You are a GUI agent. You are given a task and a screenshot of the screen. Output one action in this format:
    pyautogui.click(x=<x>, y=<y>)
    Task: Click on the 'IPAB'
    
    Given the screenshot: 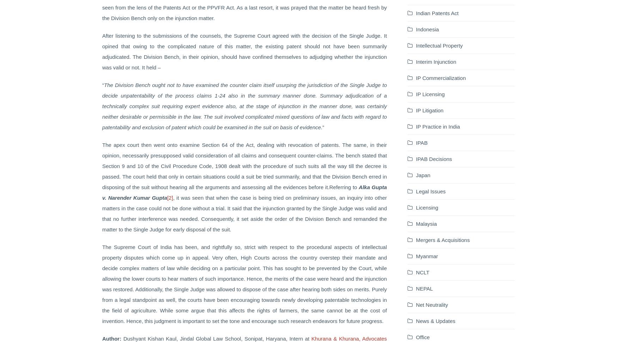 What is the action you would take?
    pyautogui.click(x=421, y=142)
    